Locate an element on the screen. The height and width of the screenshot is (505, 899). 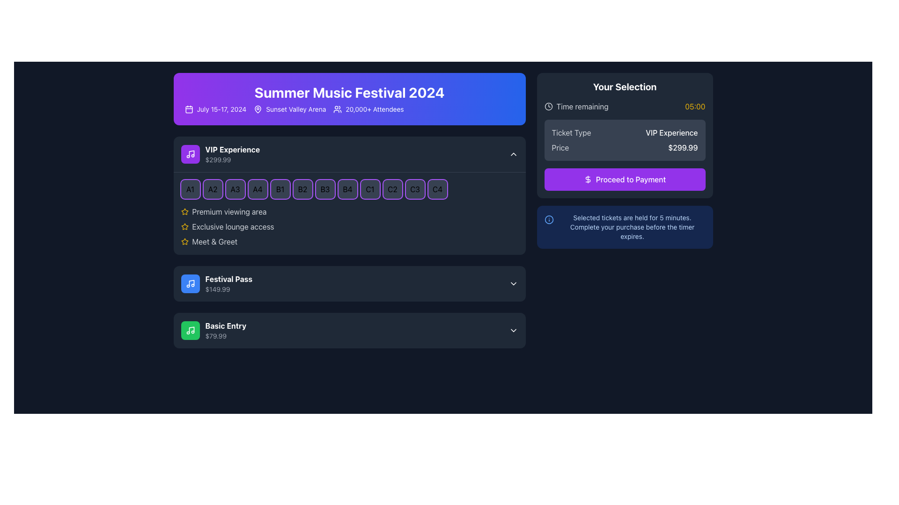
the yellow star-shaped icon with a hollow center, located to the left of the text 'Premium viewing area' in the 'VIP Experience' section is located at coordinates (184, 211).